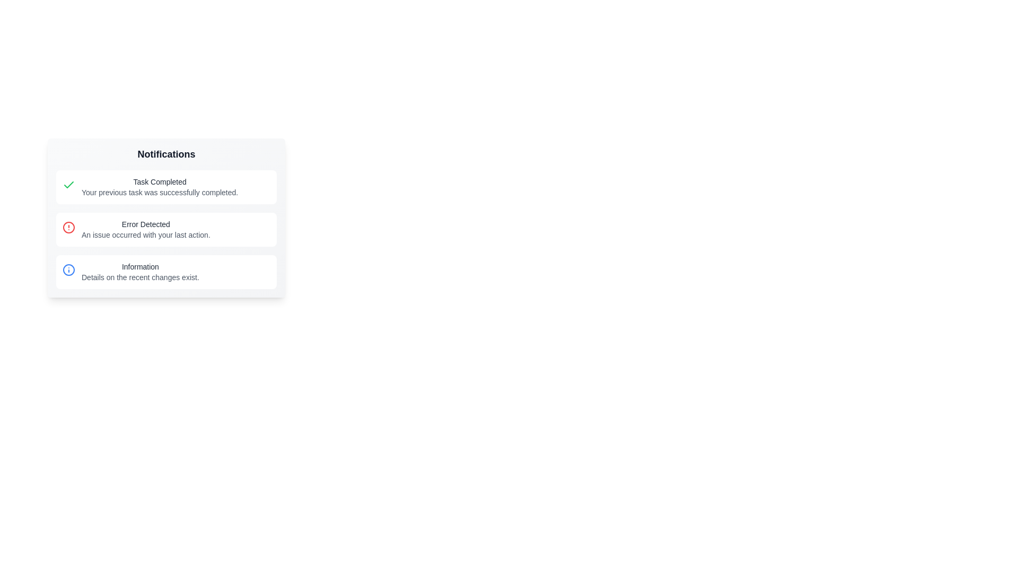  Describe the element at coordinates (139, 277) in the screenshot. I see `the text block stating 'Details on the recent changes exist.' located beneath the 'Information' heading in the notification panel` at that location.